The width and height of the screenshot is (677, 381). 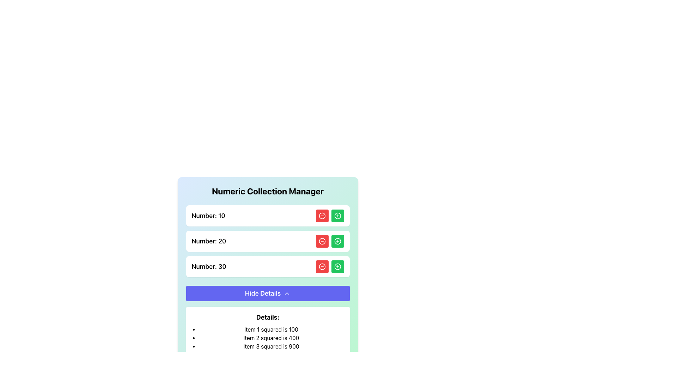 I want to click on the static text element displaying 'Item 3 squared is 900', which is the last item in the bulleted list under the 'Details:' section, so click(x=271, y=346).